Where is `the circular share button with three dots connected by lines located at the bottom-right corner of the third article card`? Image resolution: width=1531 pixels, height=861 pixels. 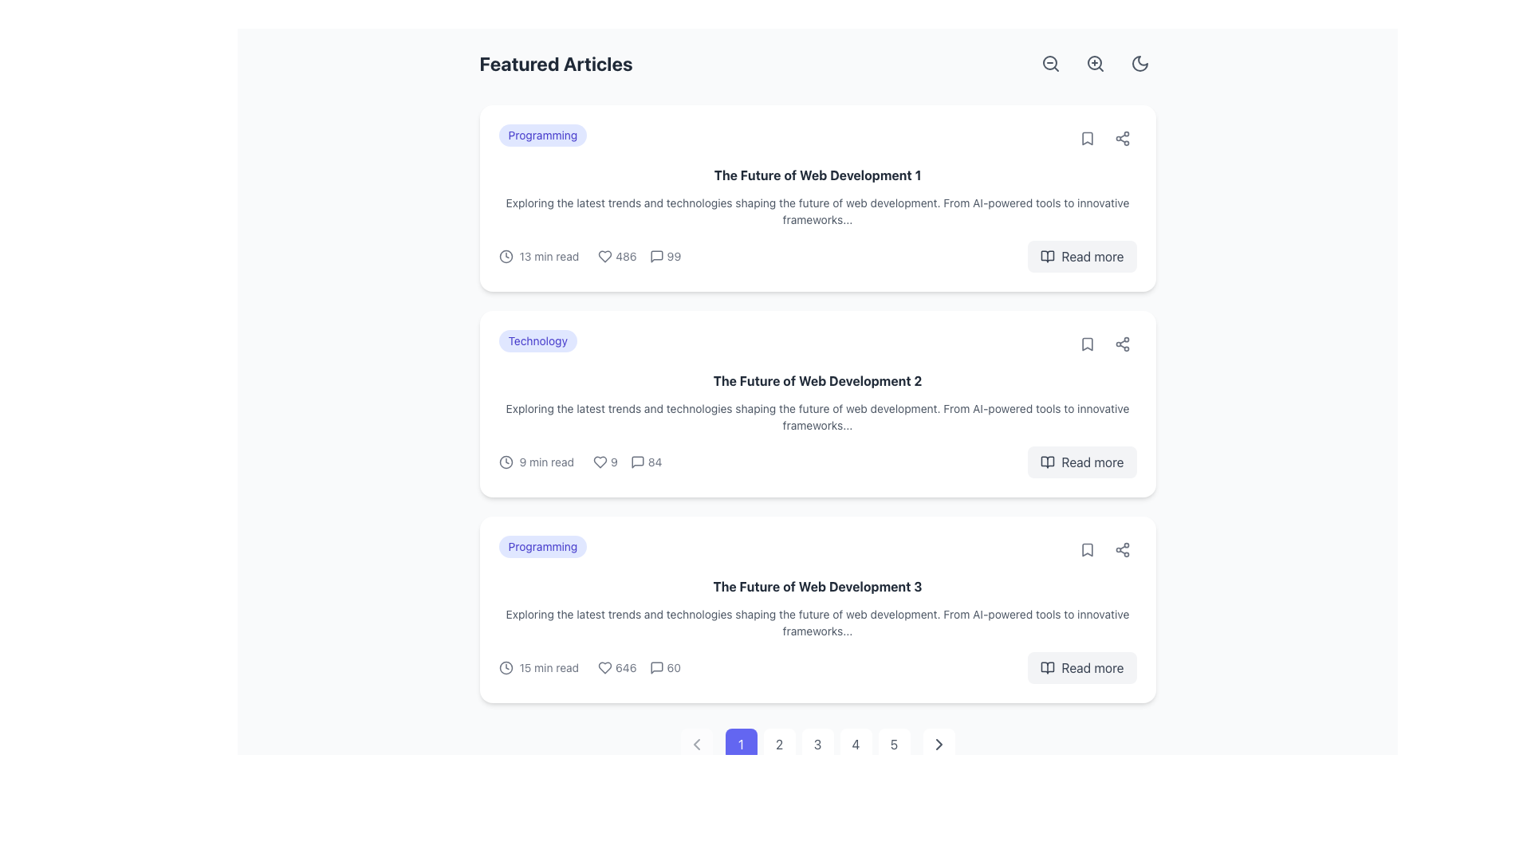 the circular share button with three dots connected by lines located at the bottom-right corner of the third article card is located at coordinates (1121, 549).